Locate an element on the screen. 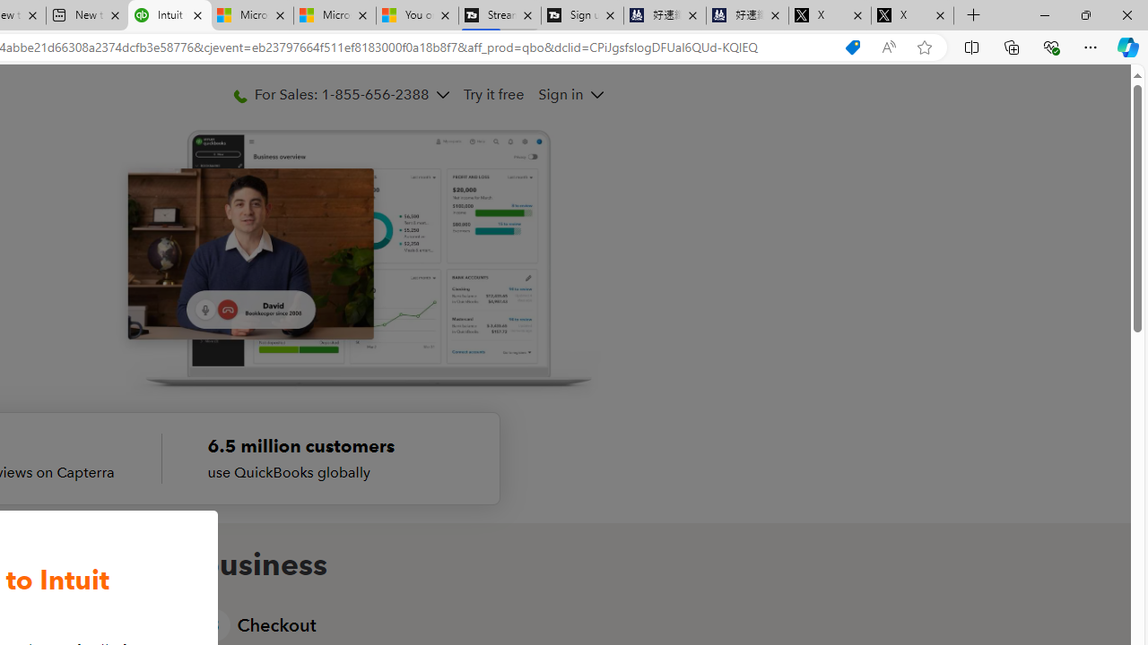 This screenshot has height=645, width=1148. 'For Sales: 1-855-656-2388' is located at coordinates (341, 94).